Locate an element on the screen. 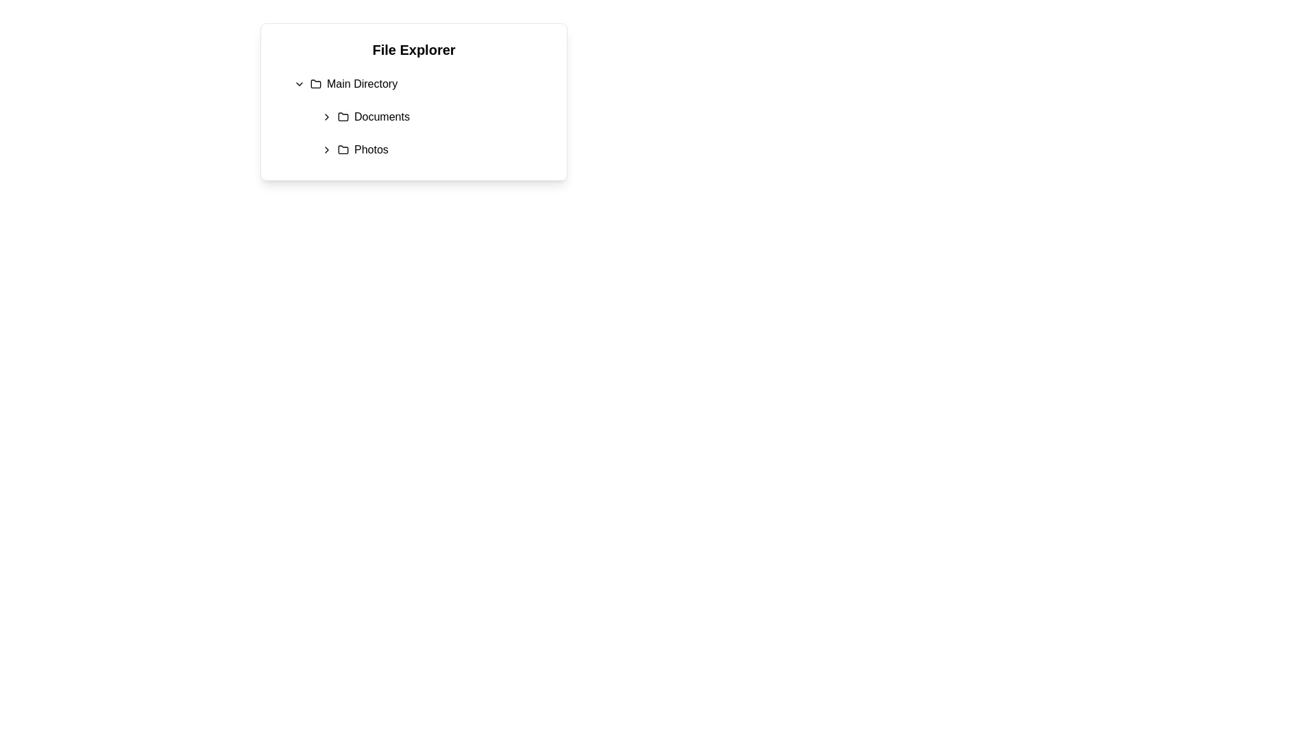  the small folder icon representing the 'Documents' folder, which is located to the left of the text 'Documents' is located at coordinates (343, 116).